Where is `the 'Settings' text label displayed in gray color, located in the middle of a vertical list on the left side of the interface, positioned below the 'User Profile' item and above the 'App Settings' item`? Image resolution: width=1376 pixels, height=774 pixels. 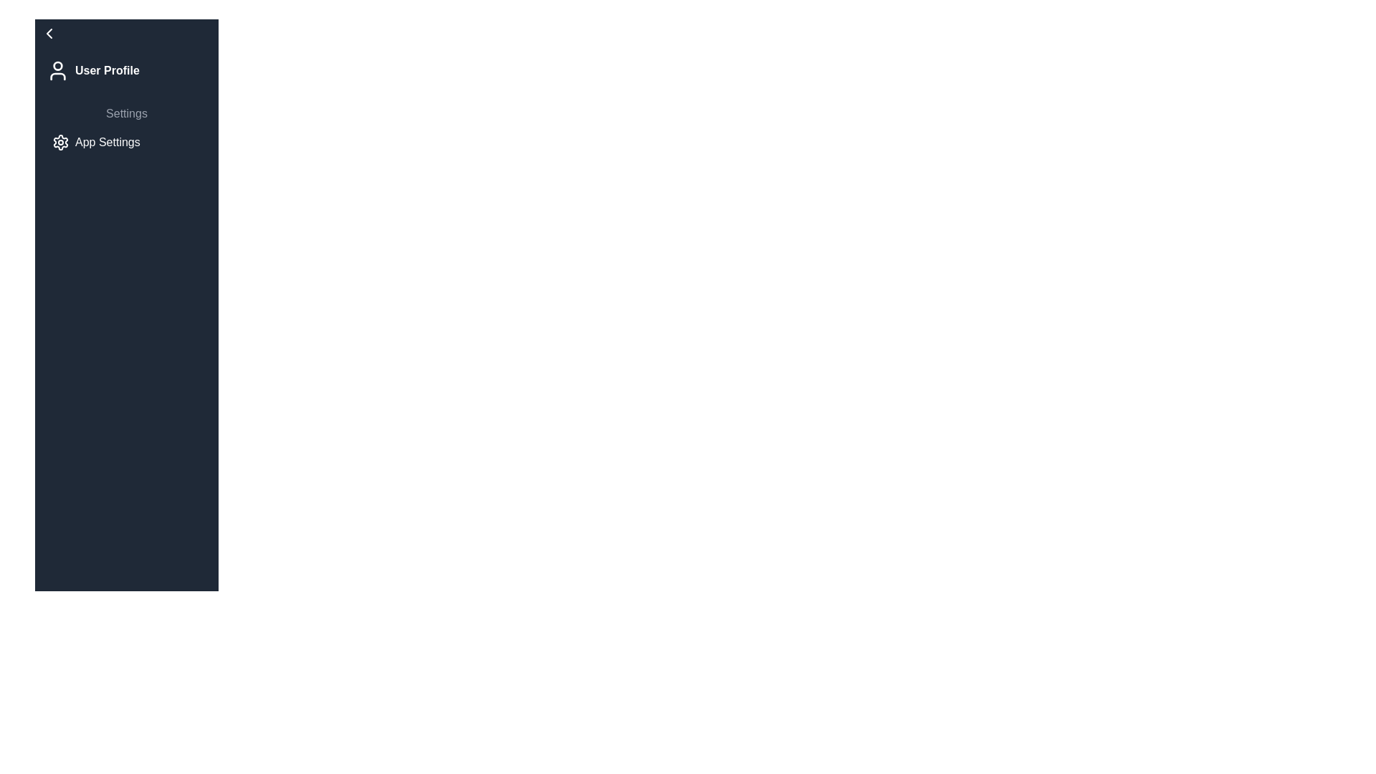
the 'Settings' text label displayed in gray color, located in the middle of a vertical list on the left side of the interface, positioned below the 'User Profile' item and above the 'App Settings' item is located at coordinates (127, 107).